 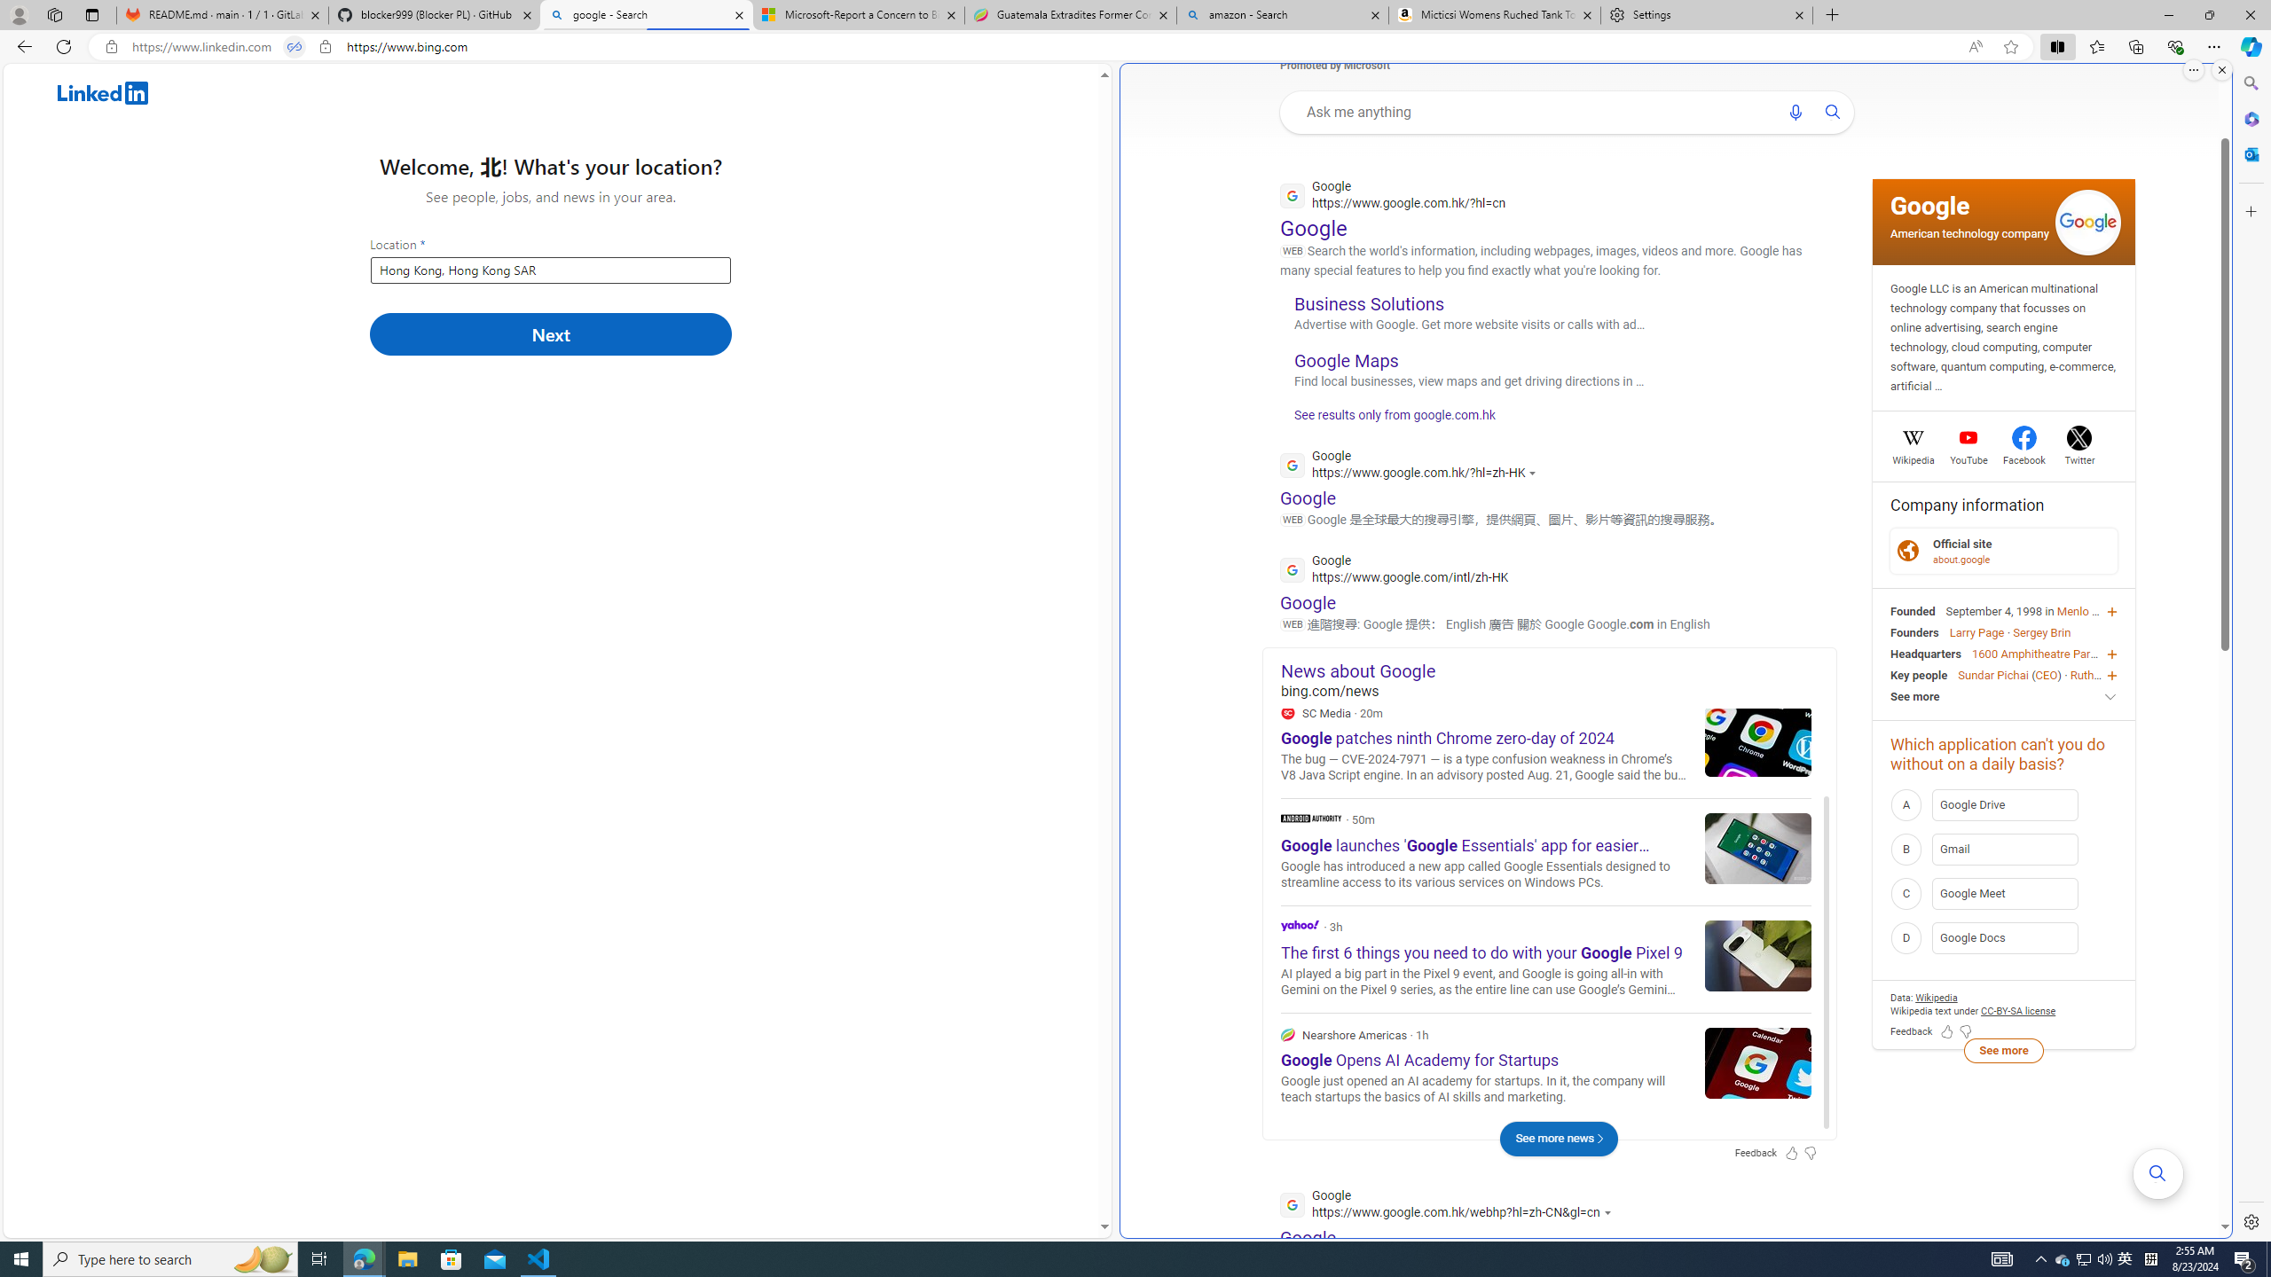 What do you see at coordinates (2086, 221) in the screenshot?
I see `'See more images of Google'` at bounding box center [2086, 221].